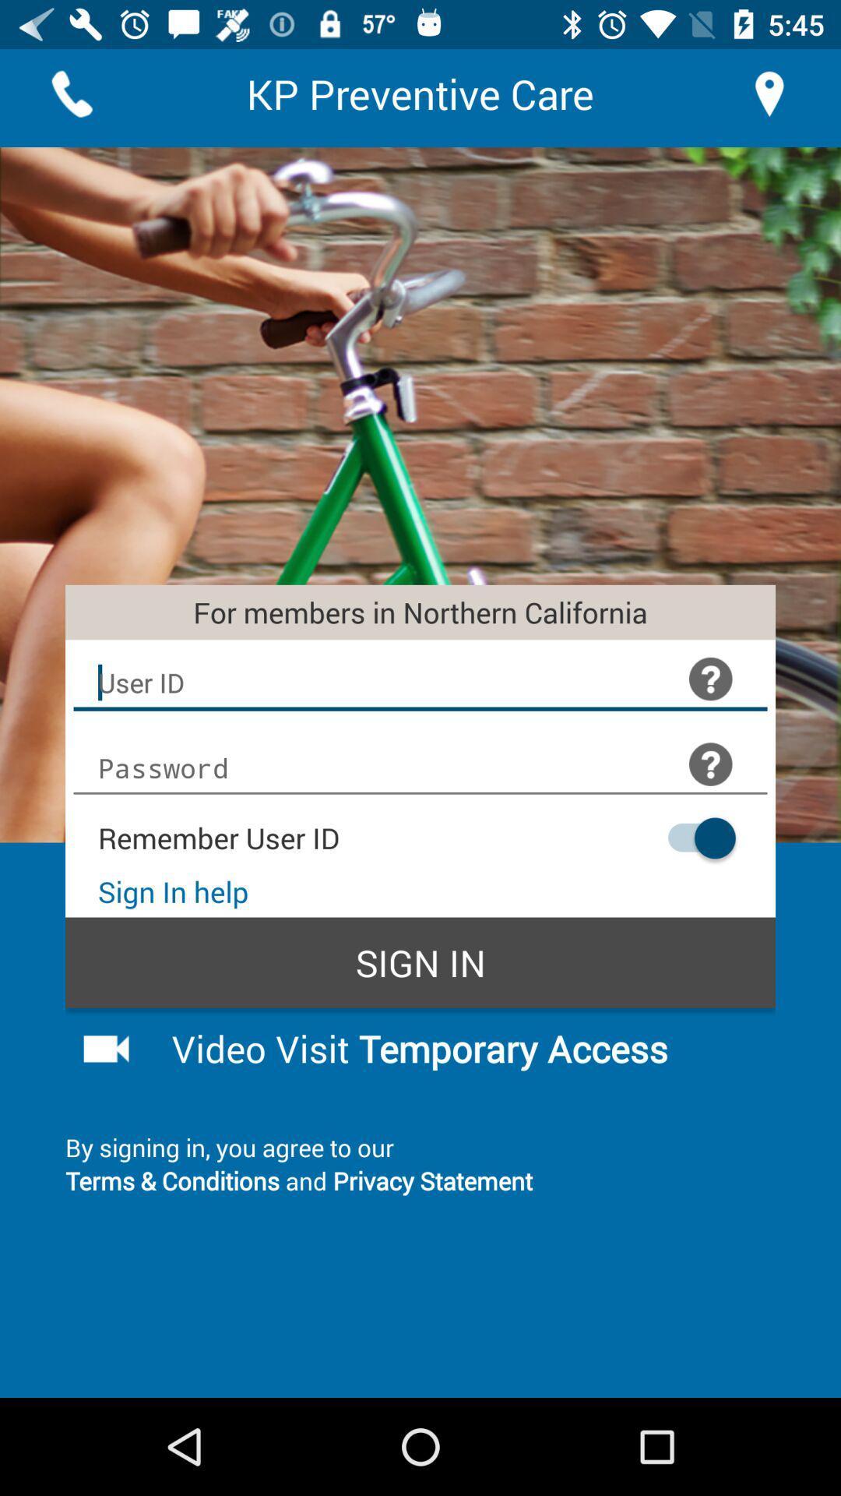 The height and width of the screenshot is (1496, 841). I want to click on video visit temporary app, so click(460, 1048).